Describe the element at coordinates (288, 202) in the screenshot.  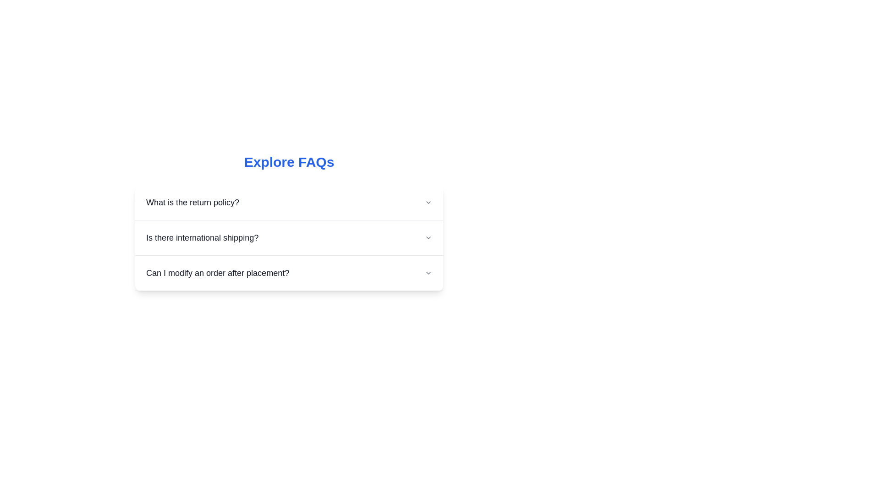
I see `the collapsible title reading 'What is the return policy?'` at that location.